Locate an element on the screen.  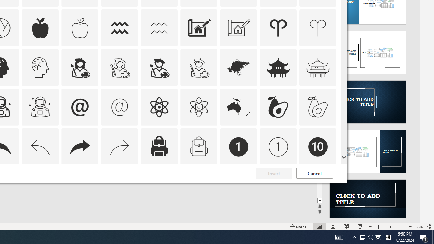
'Action Center, 1 new notification' is located at coordinates (424, 237).